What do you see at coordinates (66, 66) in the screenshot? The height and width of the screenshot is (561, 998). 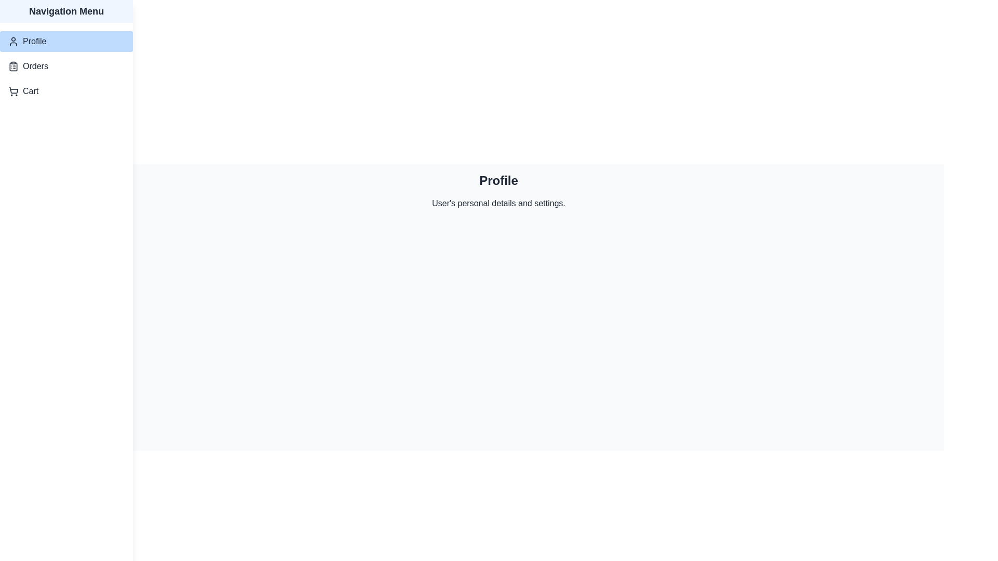 I see `the second item in the vertical navigation menu, which serves as a link to the Orders section of the application` at bounding box center [66, 66].